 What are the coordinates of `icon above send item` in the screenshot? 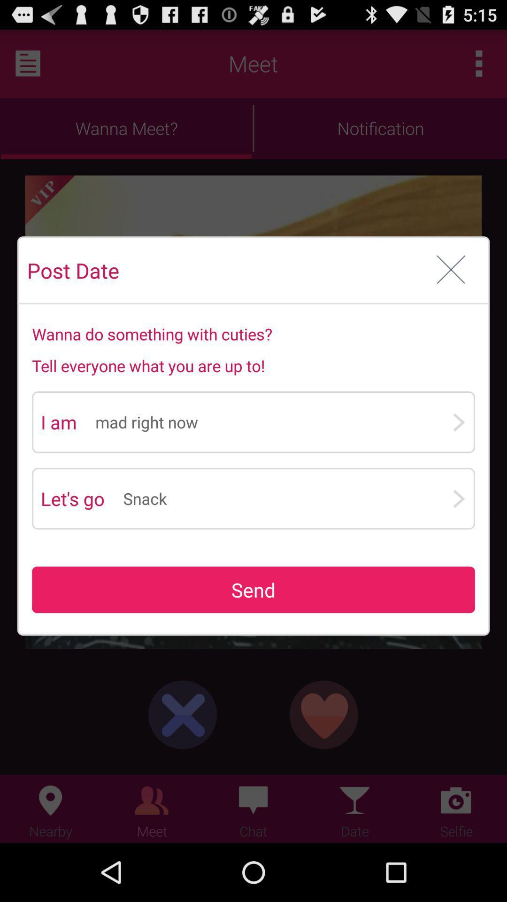 It's located at (287, 498).